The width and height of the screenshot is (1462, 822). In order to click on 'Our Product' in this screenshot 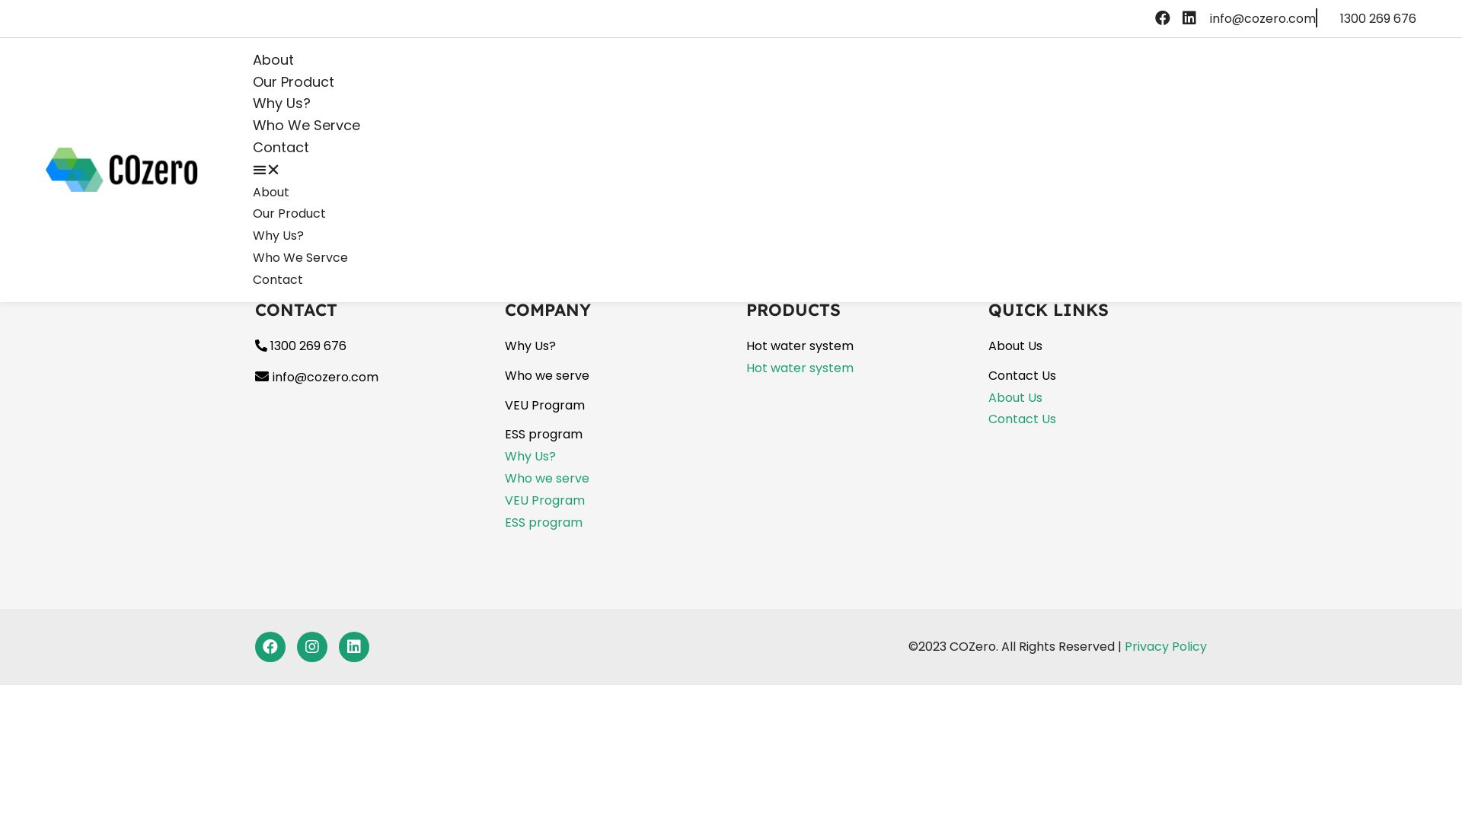, I will do `click(293, 81)`.